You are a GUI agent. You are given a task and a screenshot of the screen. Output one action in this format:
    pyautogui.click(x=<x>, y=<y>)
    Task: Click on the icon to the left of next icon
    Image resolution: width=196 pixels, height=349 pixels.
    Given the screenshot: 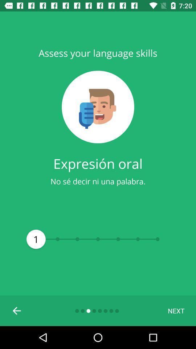 What is the action you would take?
    pyautogui.click(x=17, y=310)
    